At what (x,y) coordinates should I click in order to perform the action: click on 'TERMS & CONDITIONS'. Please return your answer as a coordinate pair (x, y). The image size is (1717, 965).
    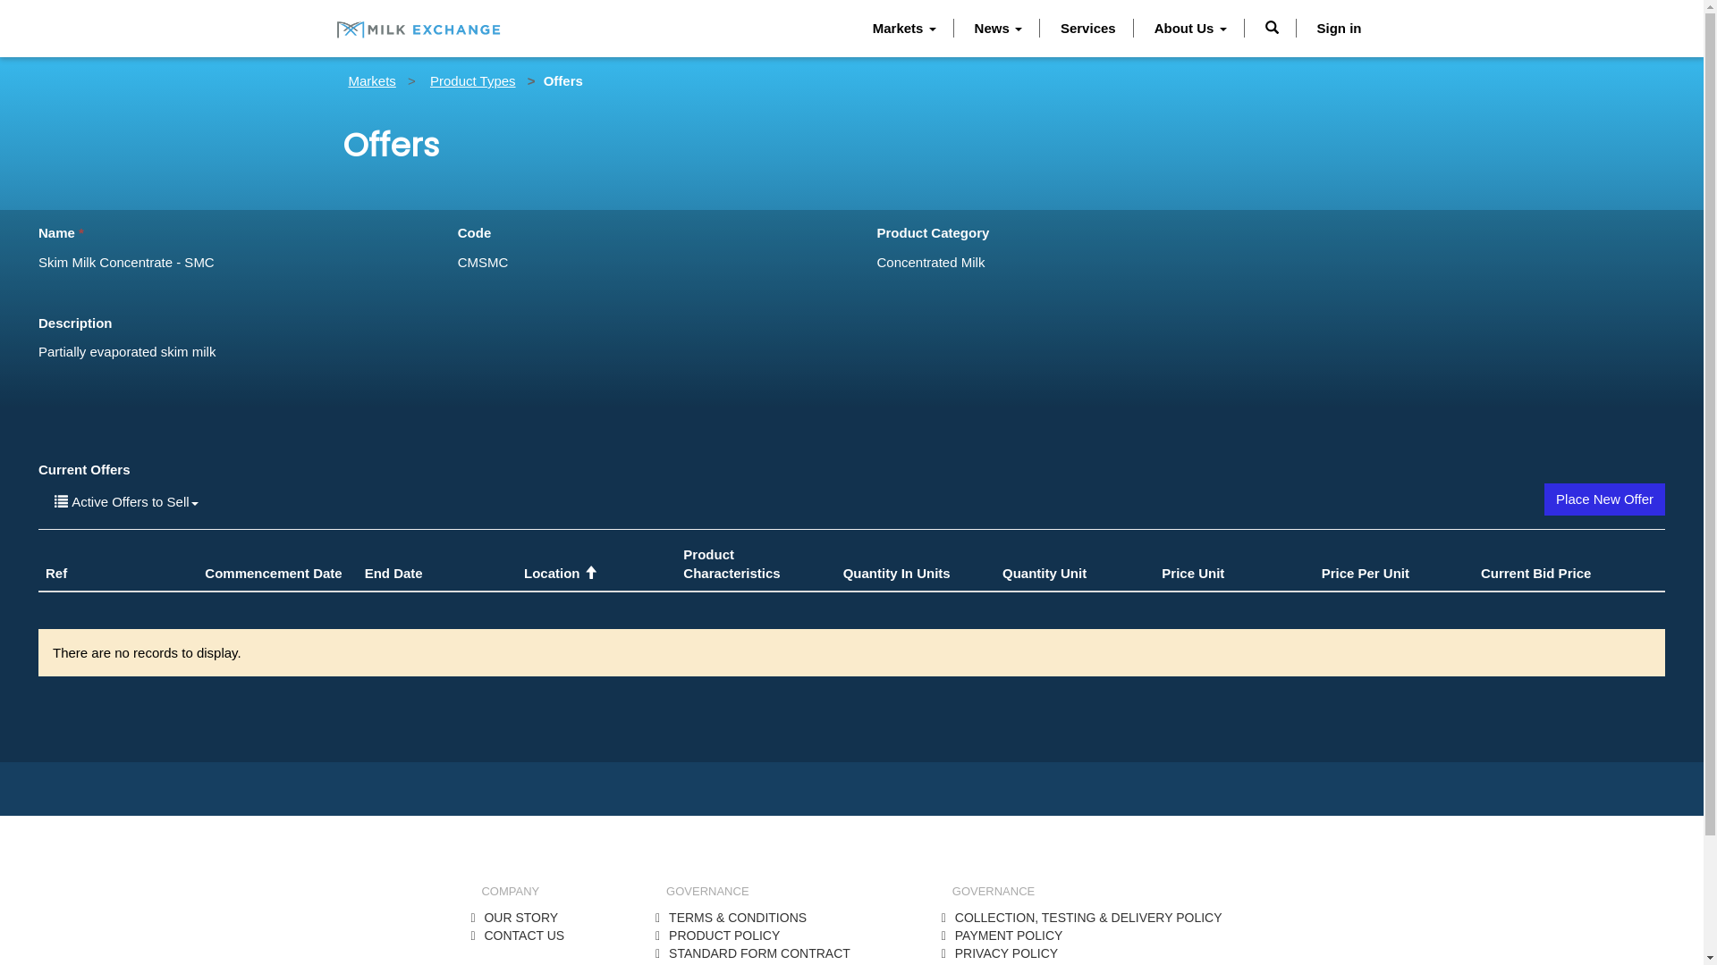
    Looking at the image, I should click on (738, 917).